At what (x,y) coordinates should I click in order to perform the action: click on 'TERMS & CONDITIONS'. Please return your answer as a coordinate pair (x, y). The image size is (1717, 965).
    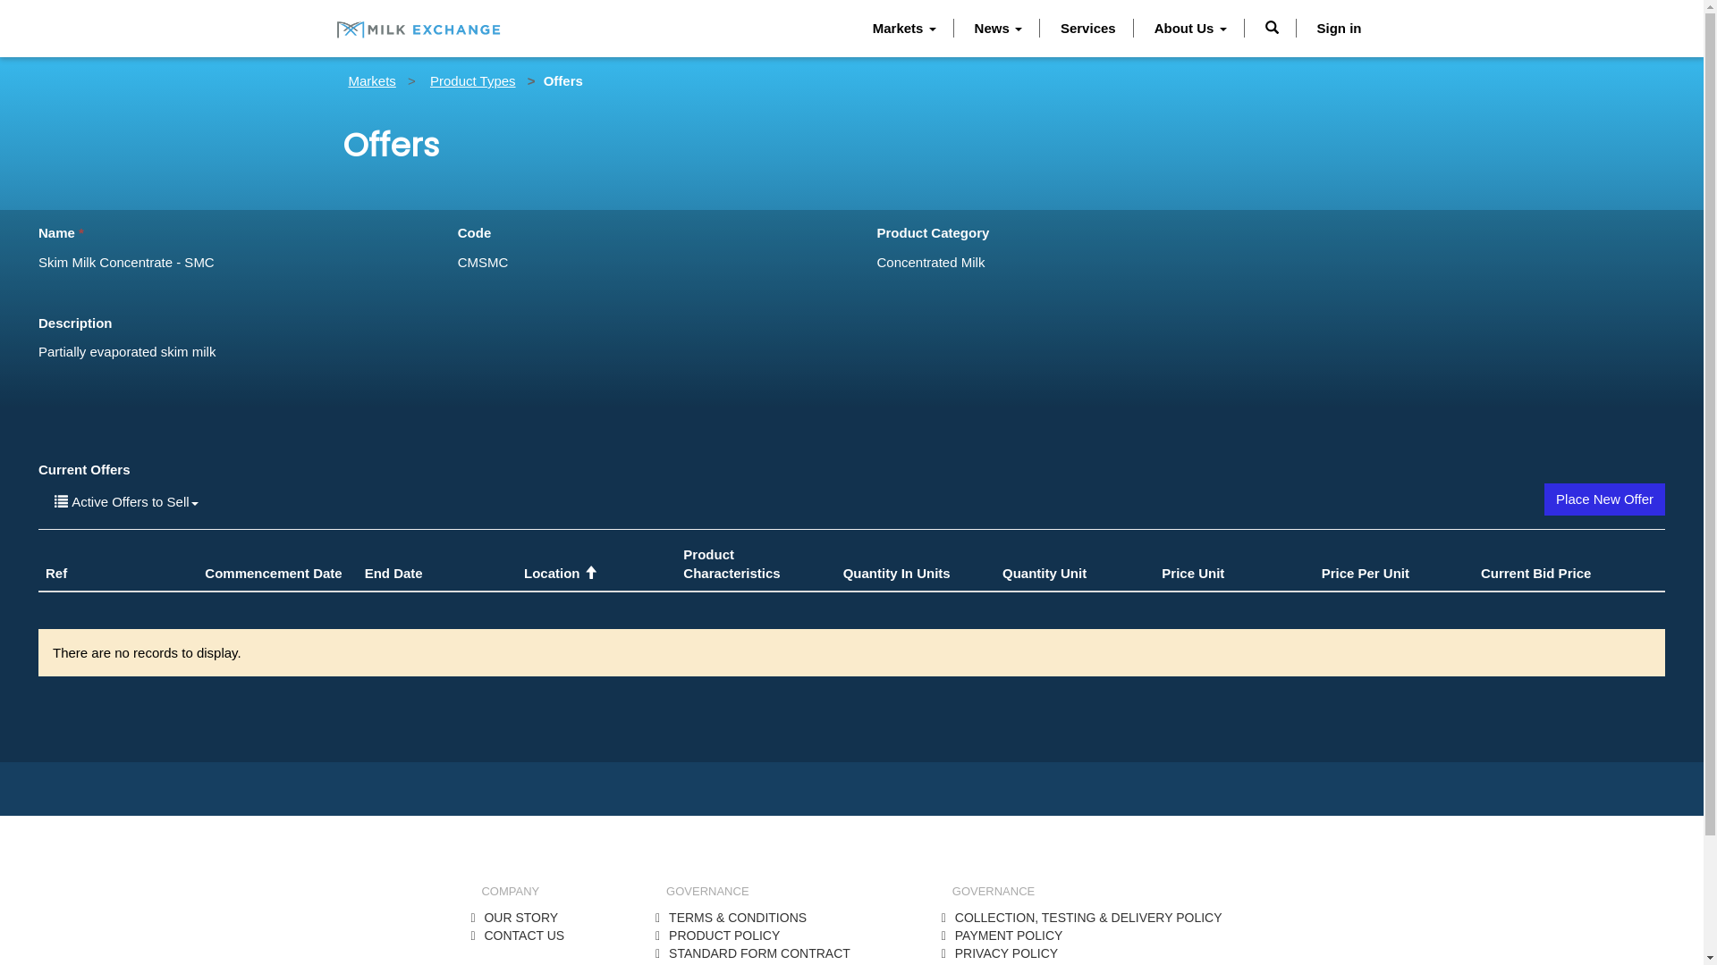
    Looking at the image, I should click on (738, 917).